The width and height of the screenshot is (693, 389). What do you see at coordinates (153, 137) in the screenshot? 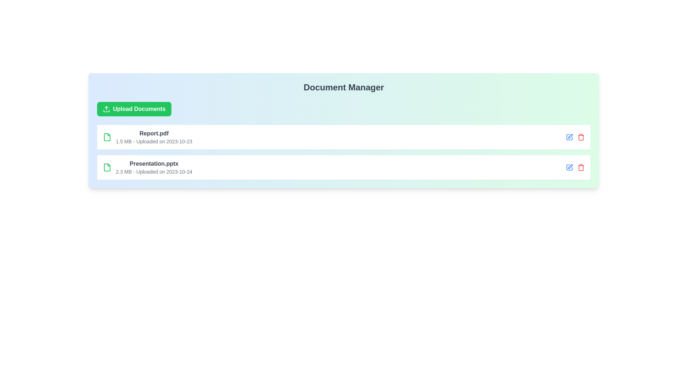
I see `the text label that displays information about an uploaded file, which is positioned to the right of a green document icon` at bounding box center [153, 137].